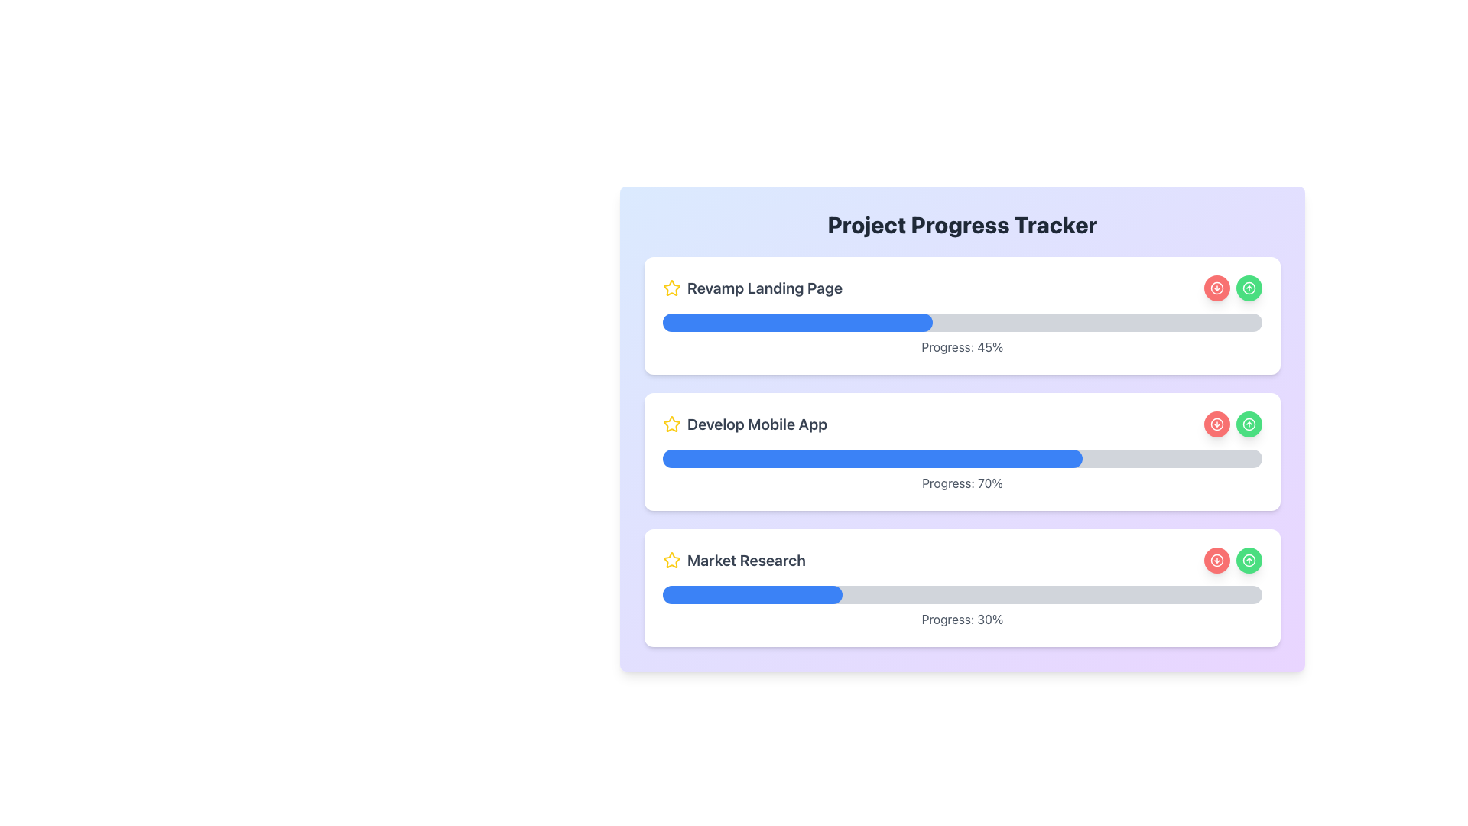 The height and width of the screenshot is (826, 1468). Describe the element at coordinates (671, 560) in the screenshot. I see `the importance/status icon located in the 'Market Research' project card, positioned to the left of the card title` at that location.